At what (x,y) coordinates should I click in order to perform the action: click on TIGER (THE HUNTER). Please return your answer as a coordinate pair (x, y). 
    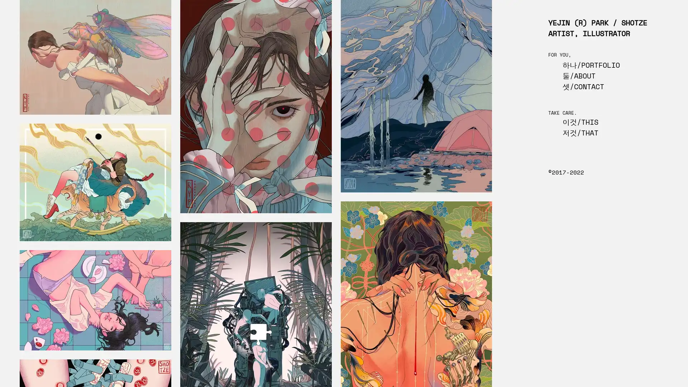
    Looking at the image, I should click on (95, 182).